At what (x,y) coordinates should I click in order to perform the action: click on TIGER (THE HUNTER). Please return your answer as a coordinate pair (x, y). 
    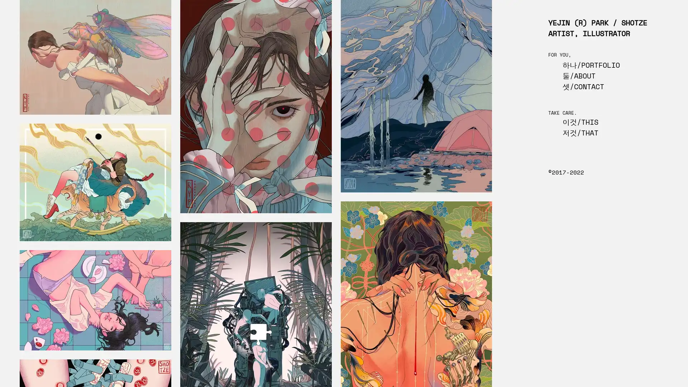
    Looking at the image, I should click on (95, 182).